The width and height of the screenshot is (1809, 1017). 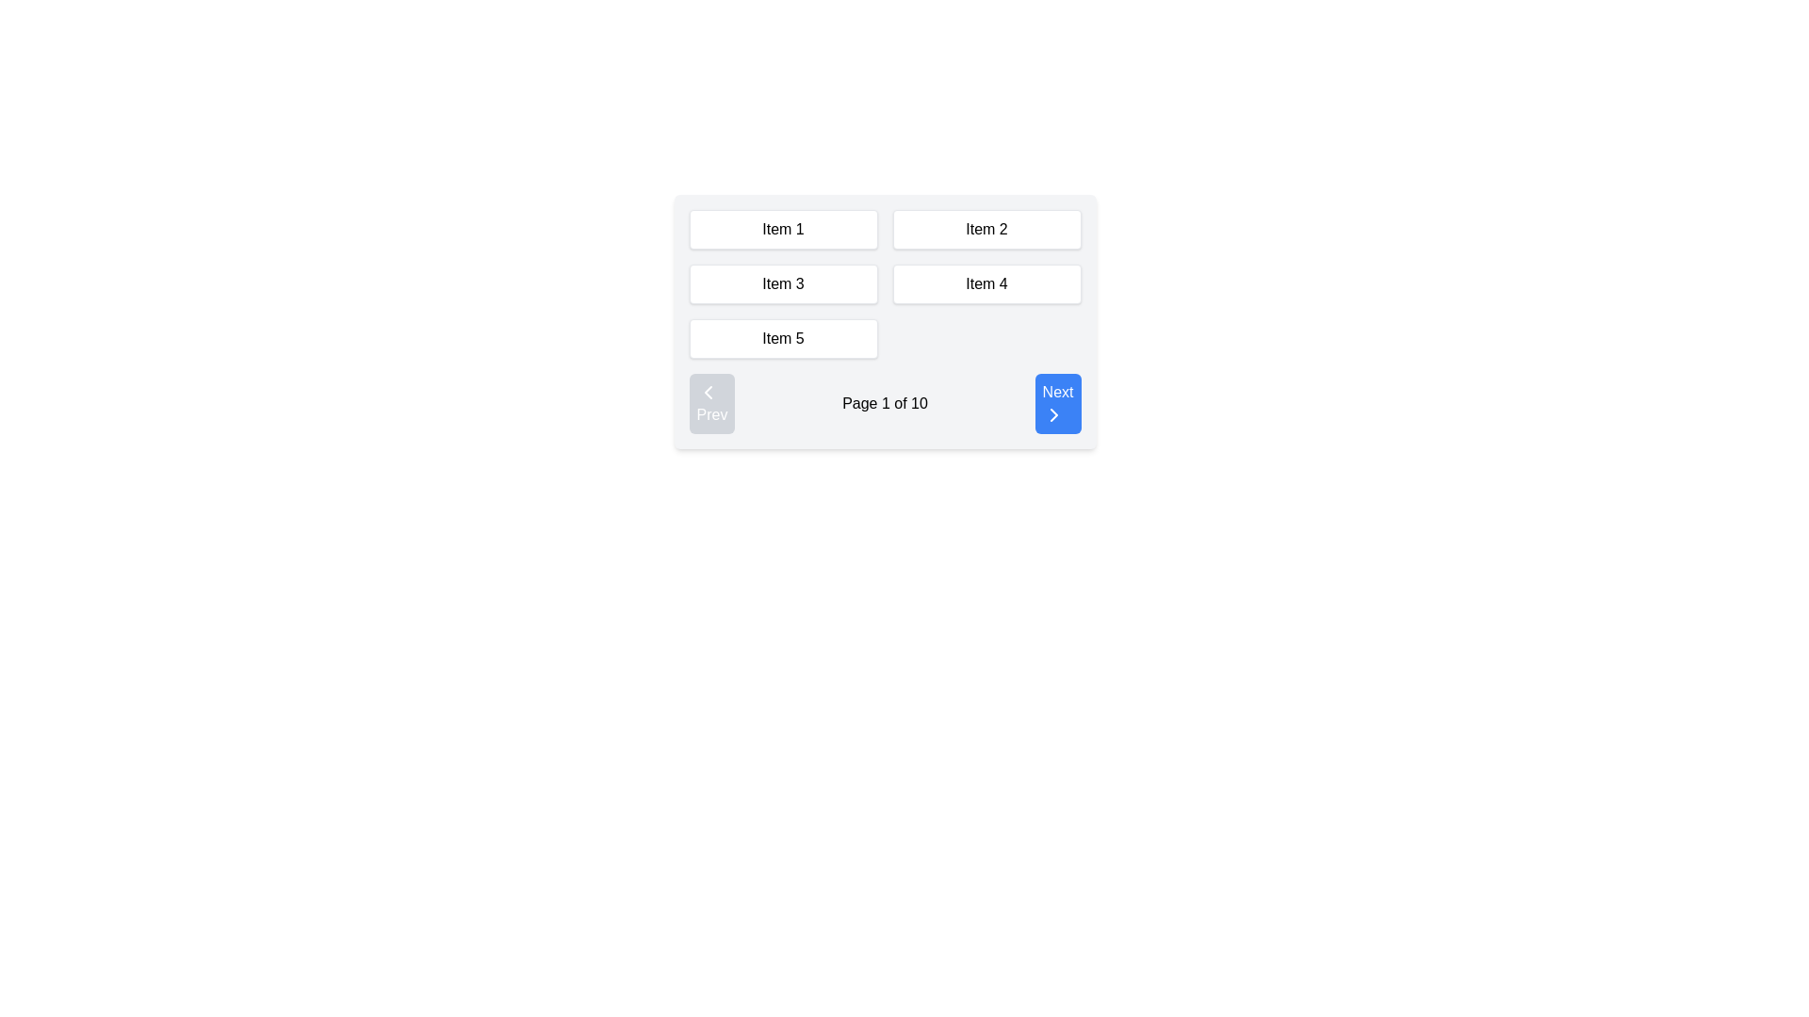 I want to click on the navigation button located to the far left of the pagination control, so click(x=710, y=402).